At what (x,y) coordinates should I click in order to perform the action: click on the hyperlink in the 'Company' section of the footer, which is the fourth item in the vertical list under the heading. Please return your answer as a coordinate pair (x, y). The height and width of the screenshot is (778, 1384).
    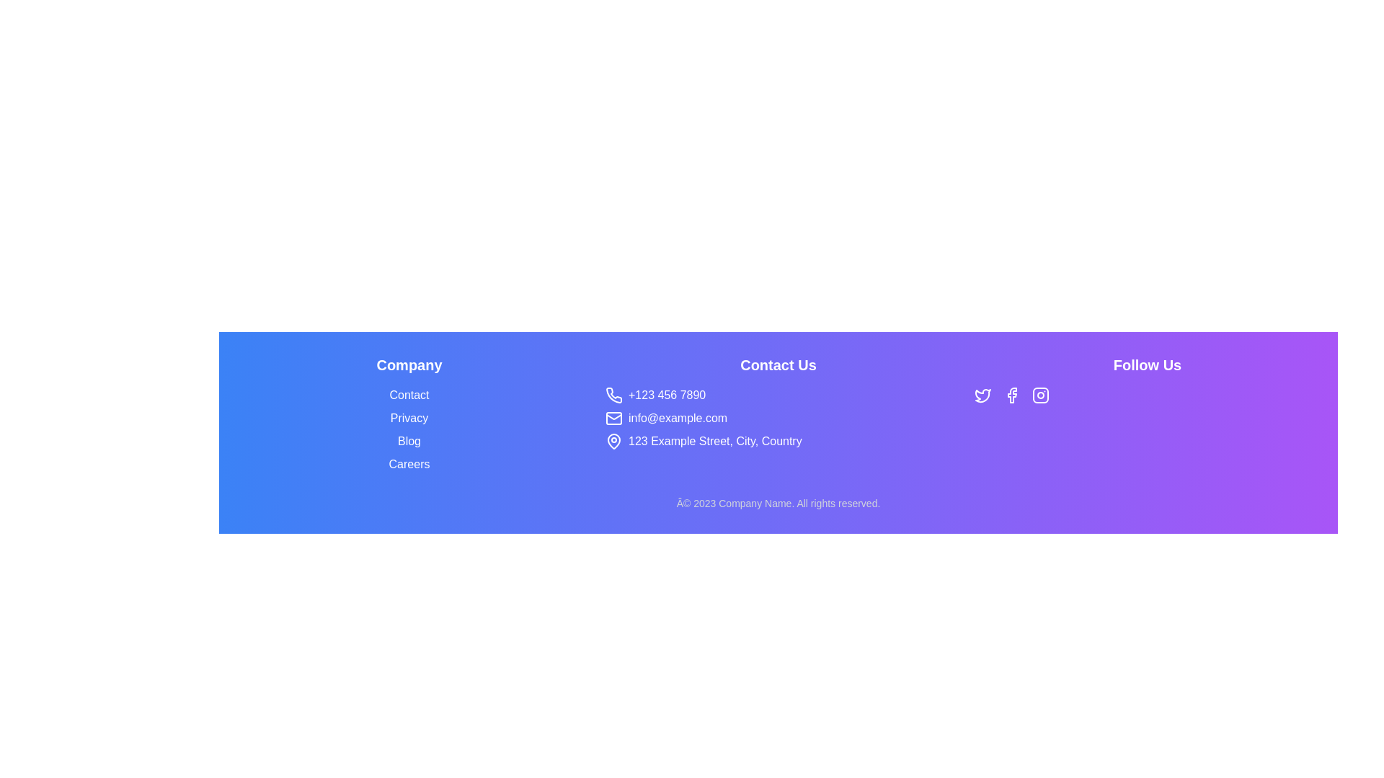
    Looking at the image, I should click on (408, 464).